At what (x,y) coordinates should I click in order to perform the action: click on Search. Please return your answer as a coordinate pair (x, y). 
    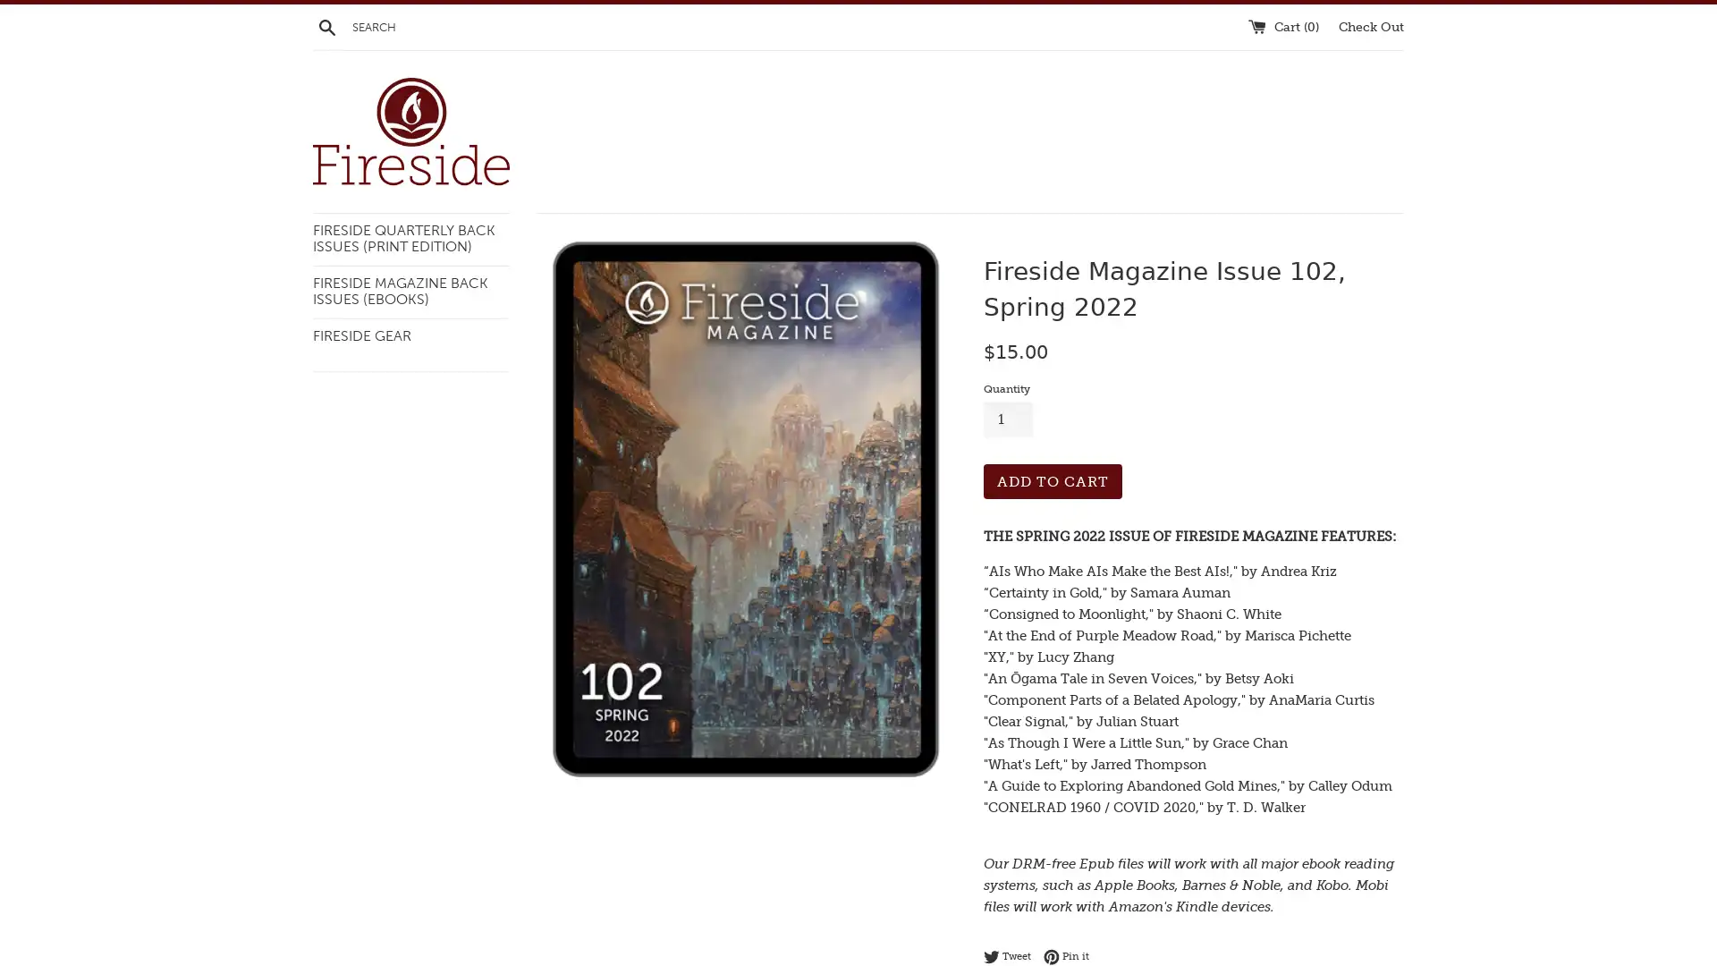
    Looking at the image, I should click on (326, 26).